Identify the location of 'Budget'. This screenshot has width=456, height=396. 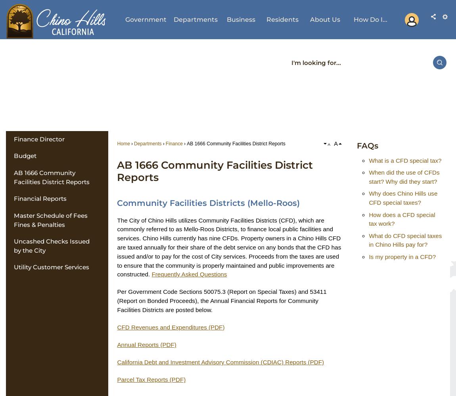
(24, 156).